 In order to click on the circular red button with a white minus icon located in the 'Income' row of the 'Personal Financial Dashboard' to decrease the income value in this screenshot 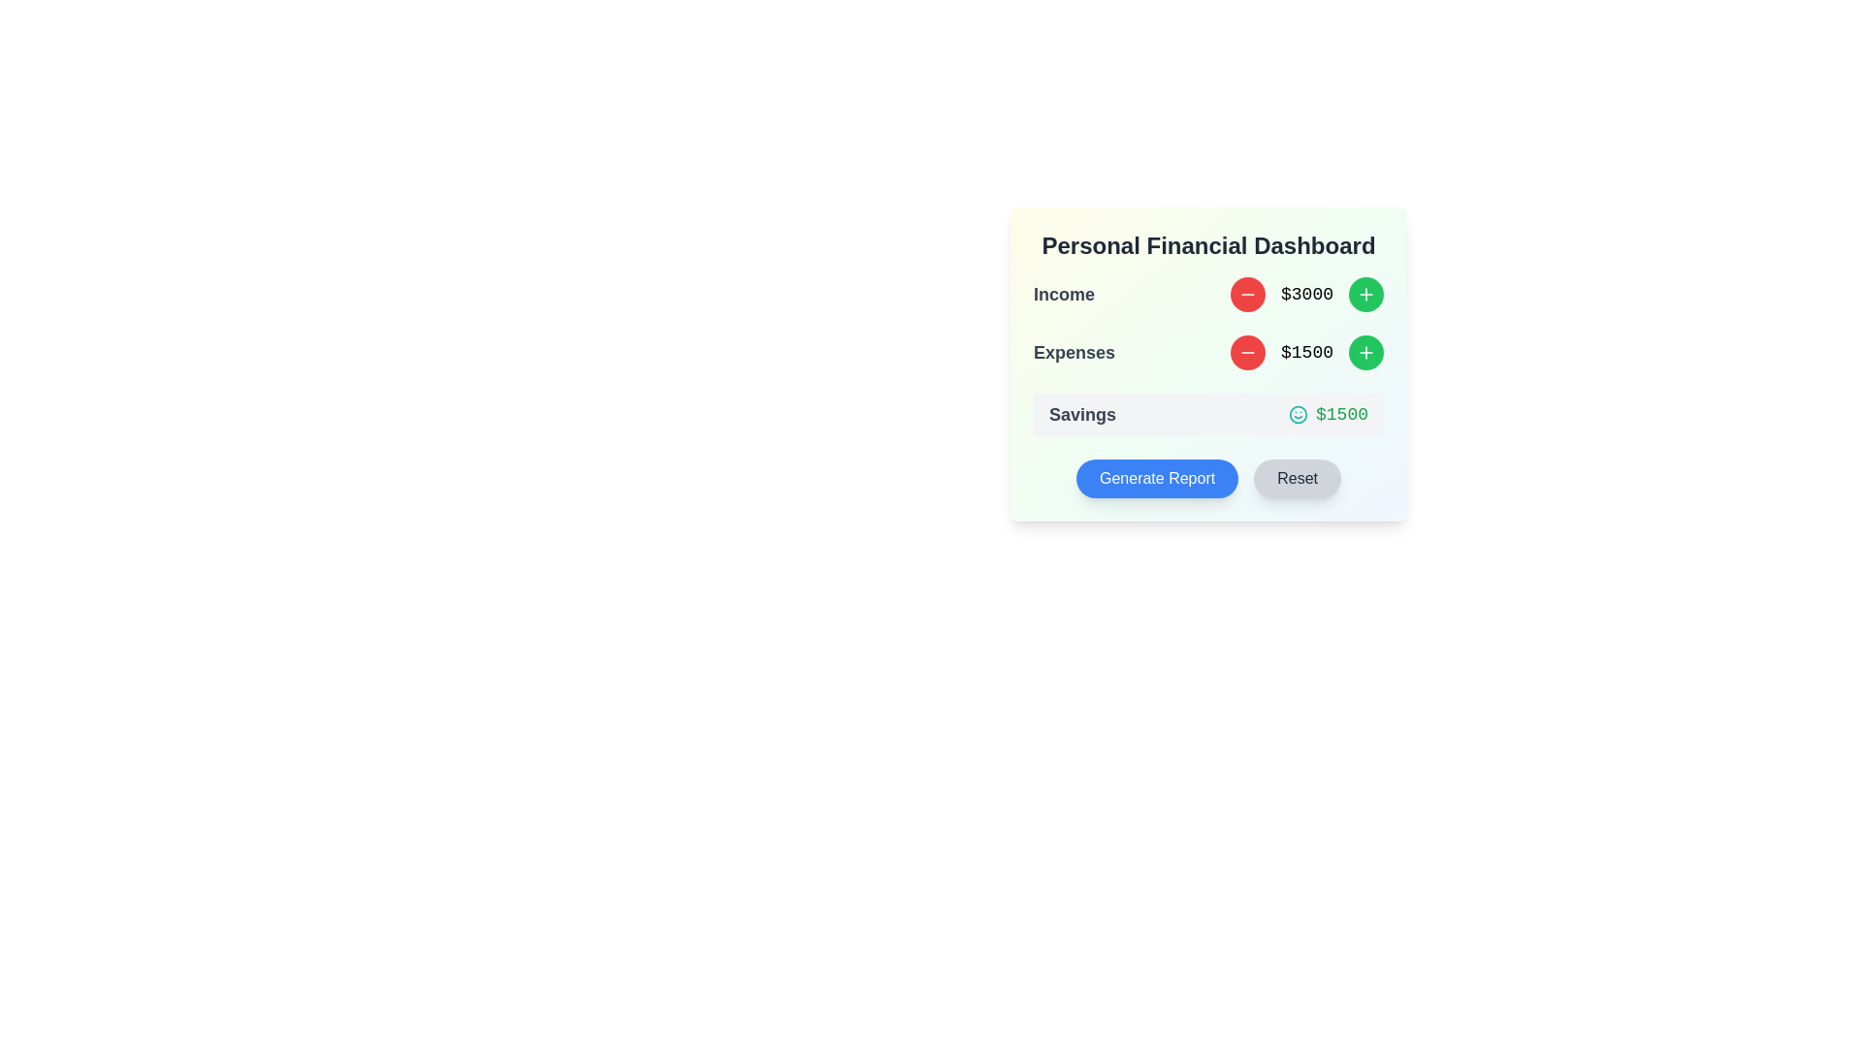, I will do `click(1247, 295)`.